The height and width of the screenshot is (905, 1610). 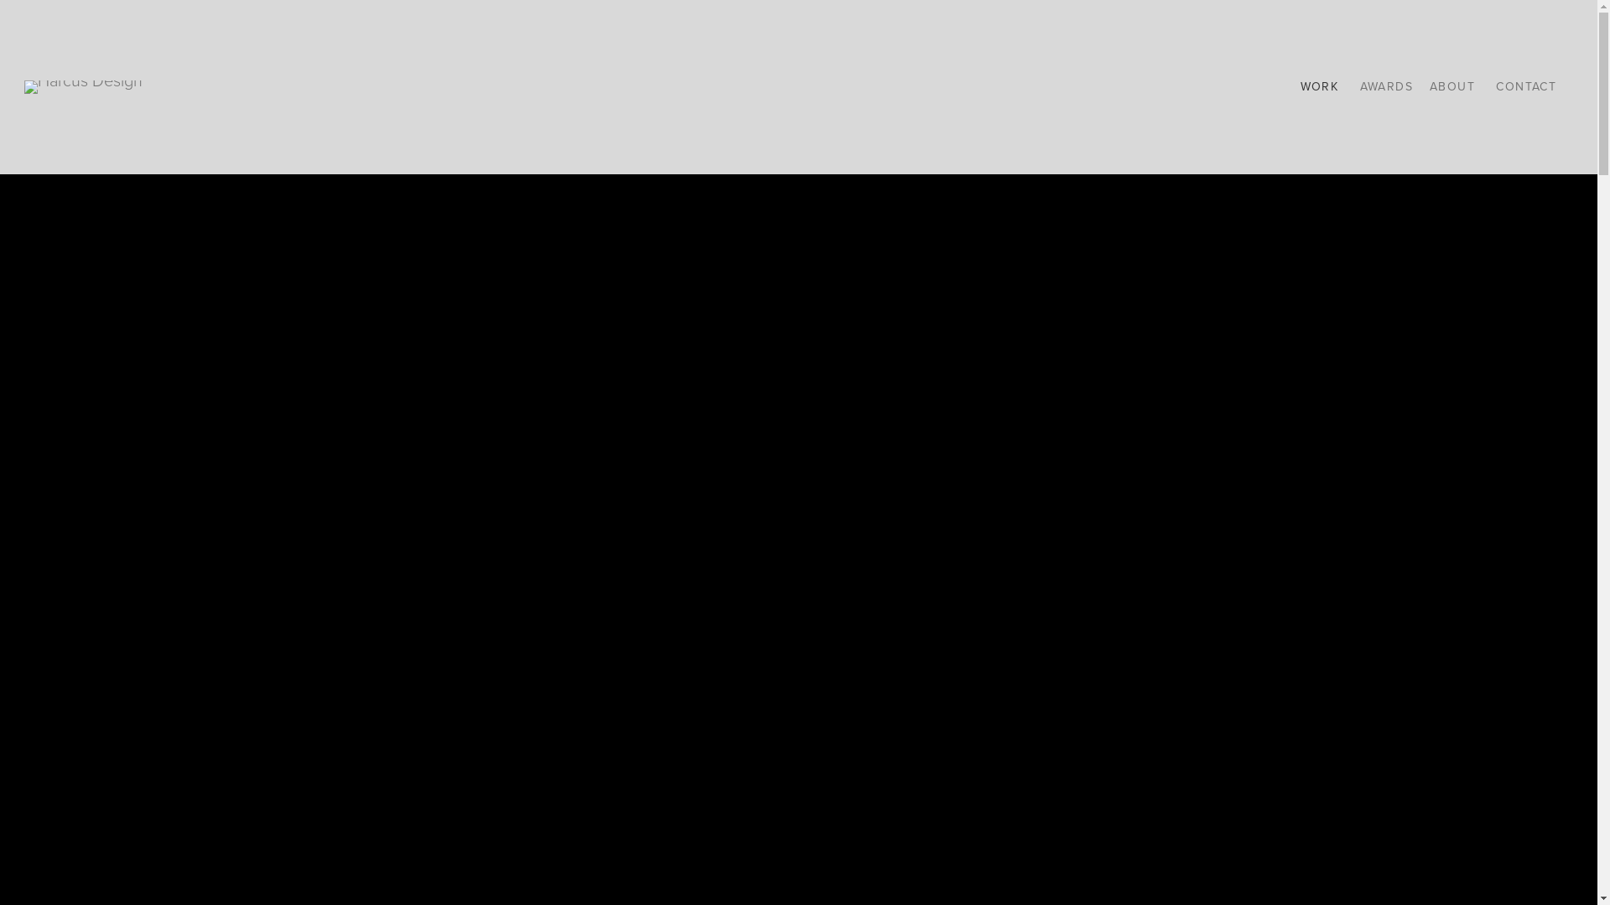 What do you see at coordinates (1360, 86) in the screenshot?
I see `'AWARDS'` at bounding box center [1360, 86].